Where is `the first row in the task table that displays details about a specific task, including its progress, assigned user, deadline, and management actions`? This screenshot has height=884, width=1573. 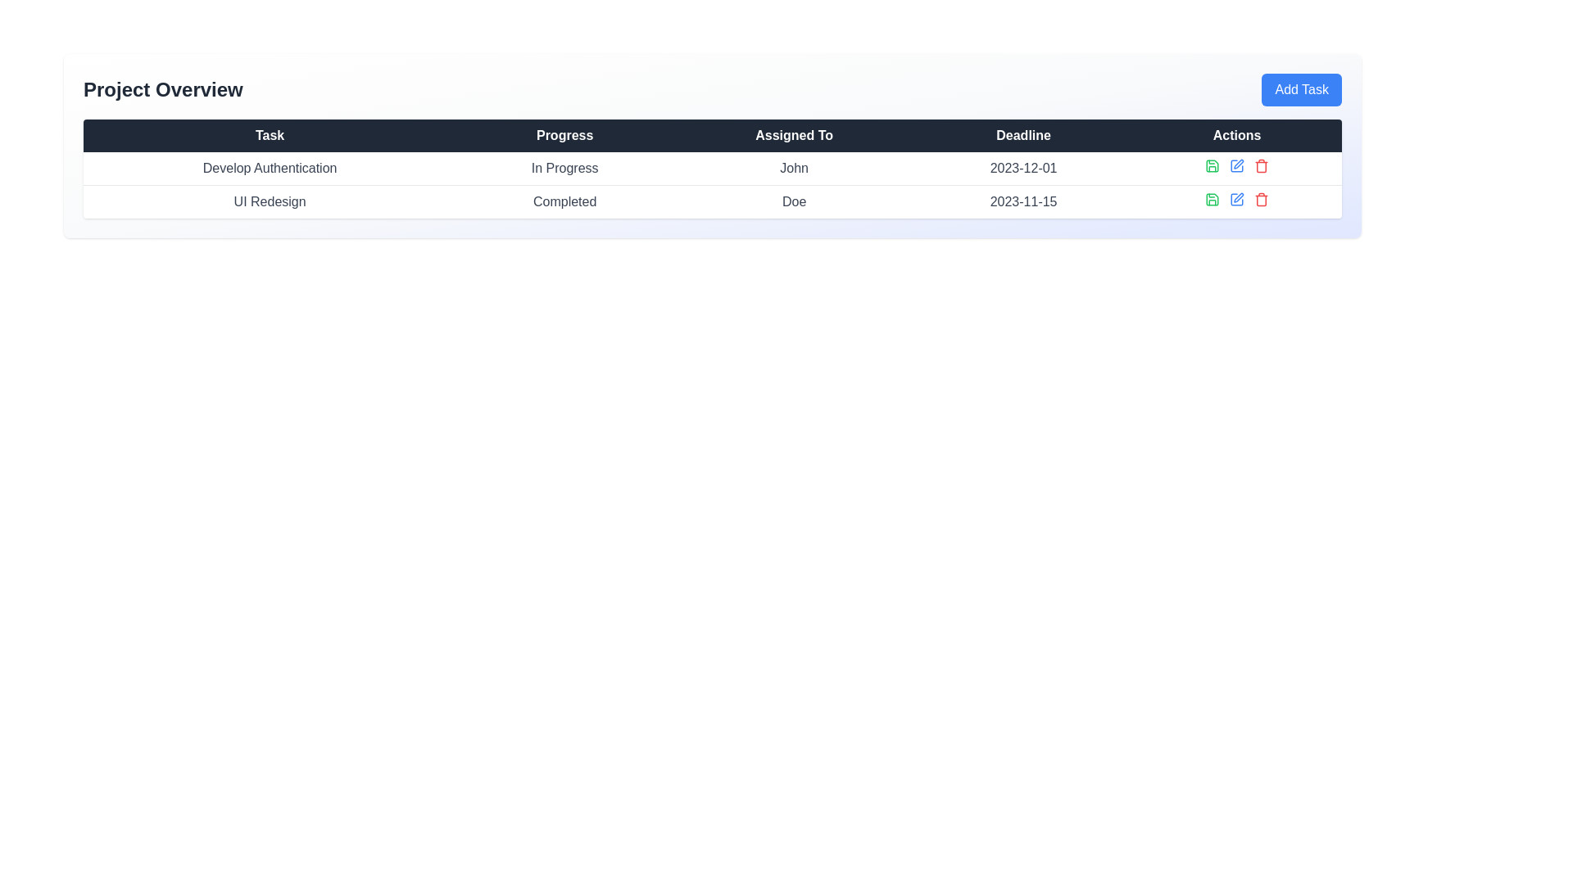 the first row in the task table that displays details about a specific task, including its progress, assigned user, deadline, and management actions is located at coordinates (712, 184).